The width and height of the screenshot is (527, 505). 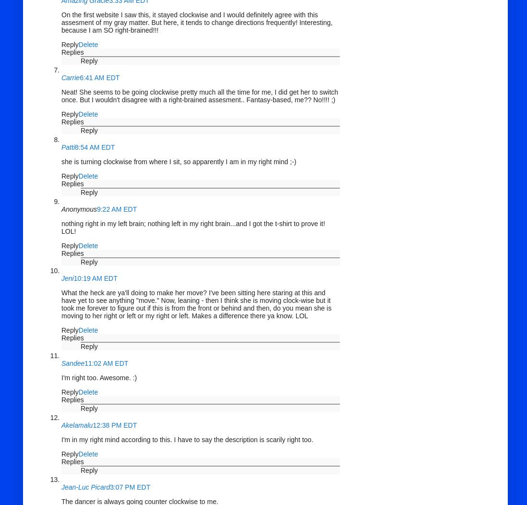 What do you see at coordinates (114, 425) in the screenshot?
I see `'12:38 PM EDT'` at bounding box center [114, 425].